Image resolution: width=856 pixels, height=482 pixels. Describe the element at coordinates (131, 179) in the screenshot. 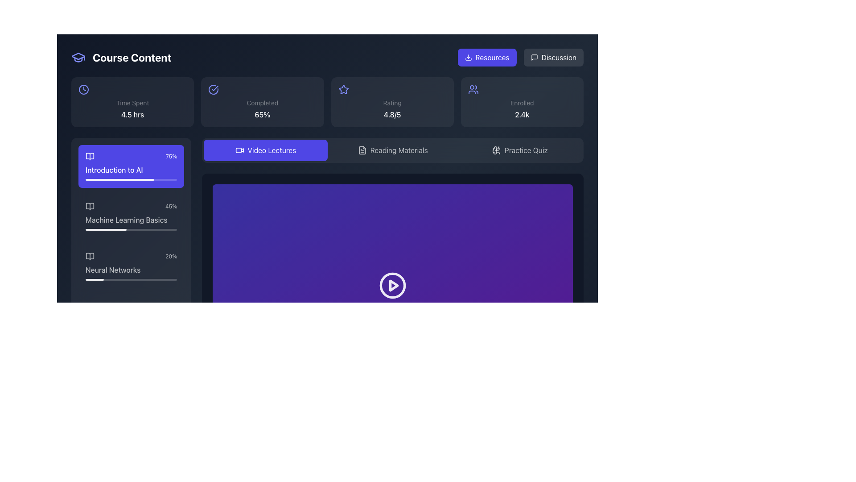

I see `the Progress Bar located at the bottom of the 'Introduction to AI' course card, which visually indicates the completion status of the course` at that location.